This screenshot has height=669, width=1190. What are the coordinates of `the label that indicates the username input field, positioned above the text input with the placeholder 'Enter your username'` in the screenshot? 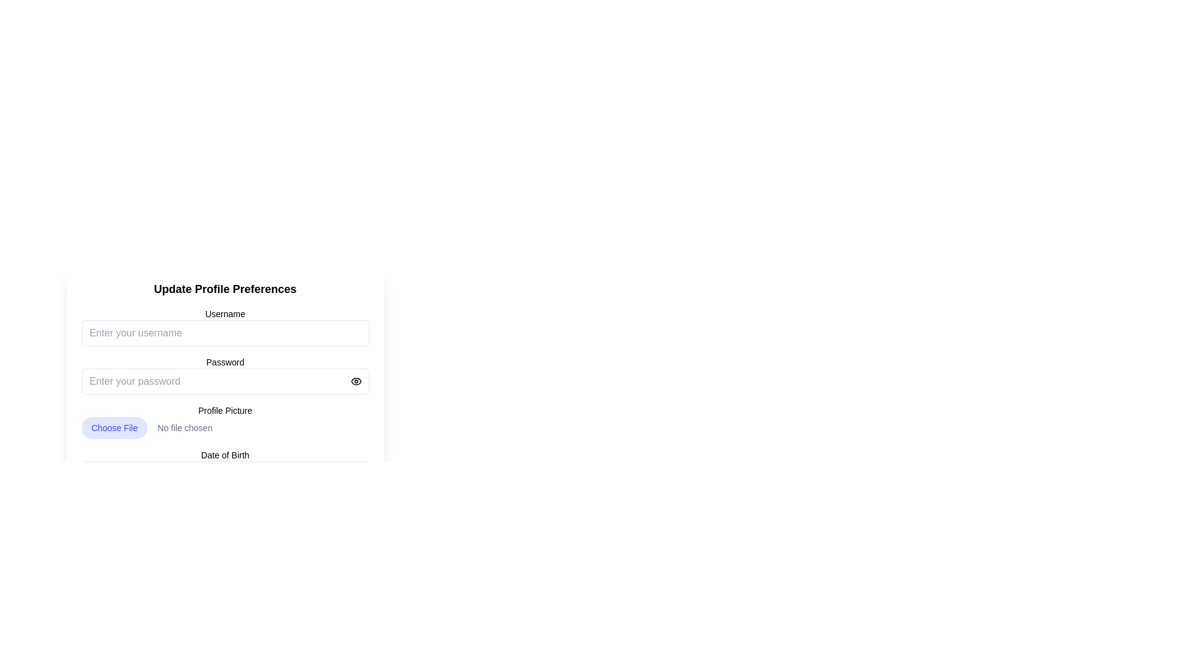 It's located at (225, 313).